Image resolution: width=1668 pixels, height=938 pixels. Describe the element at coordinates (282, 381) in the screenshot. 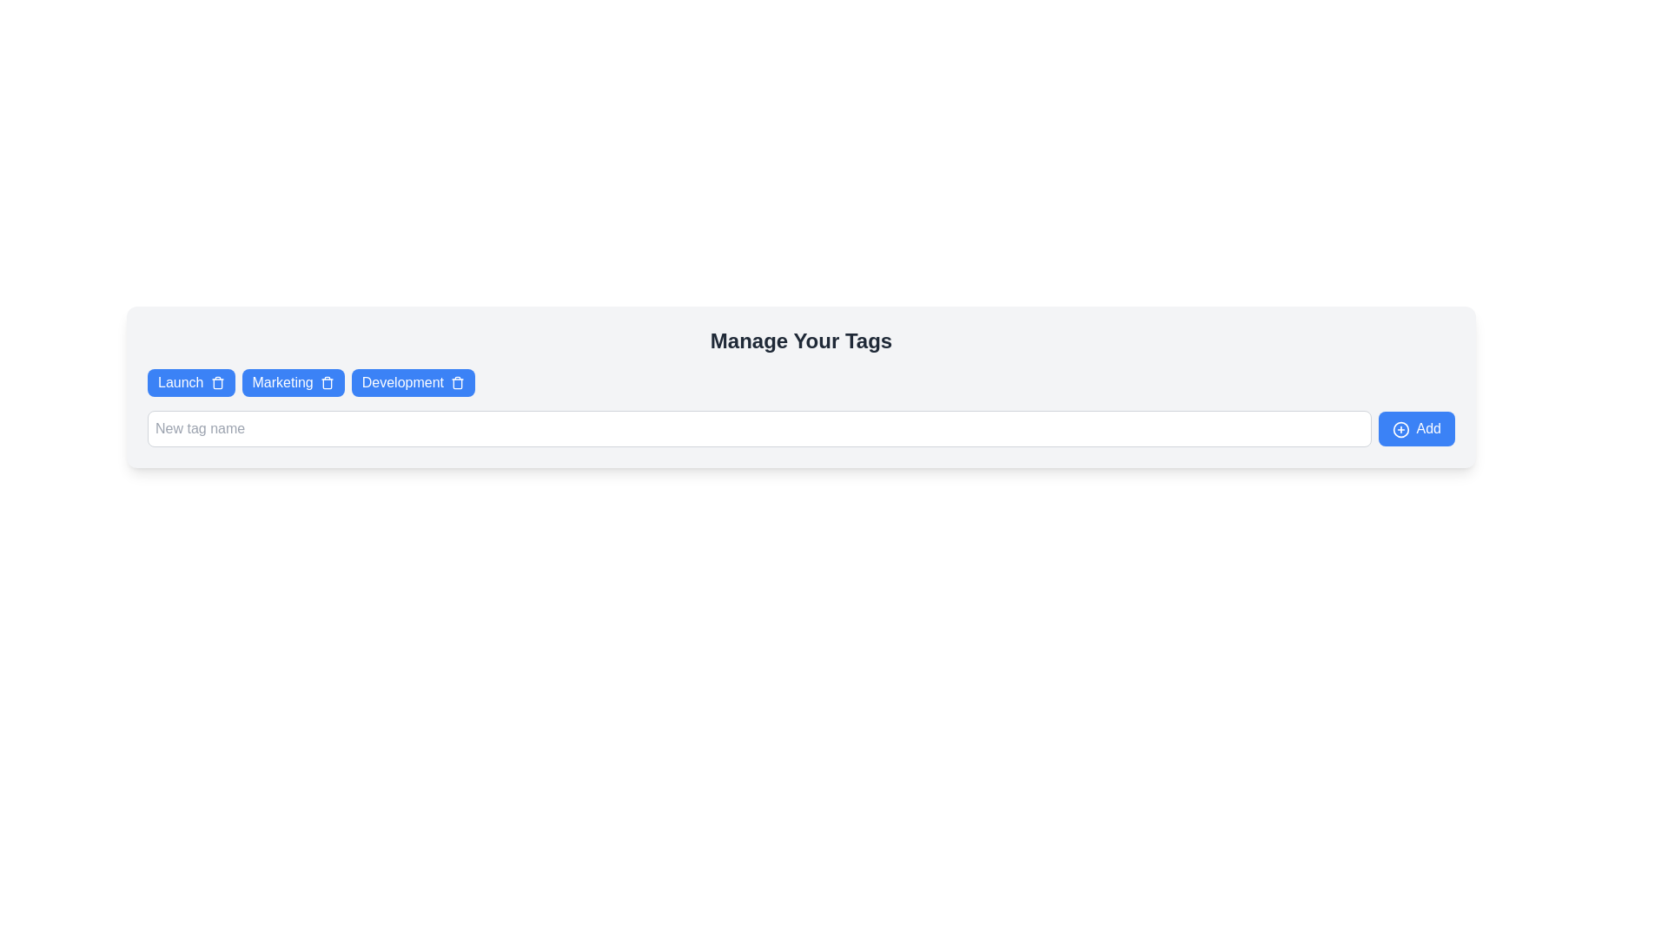

I see `the non-interactive label representing the 'Marketing' category, which is the second tag from the left, flanked by 'Launch' and 'Development'` at that location.